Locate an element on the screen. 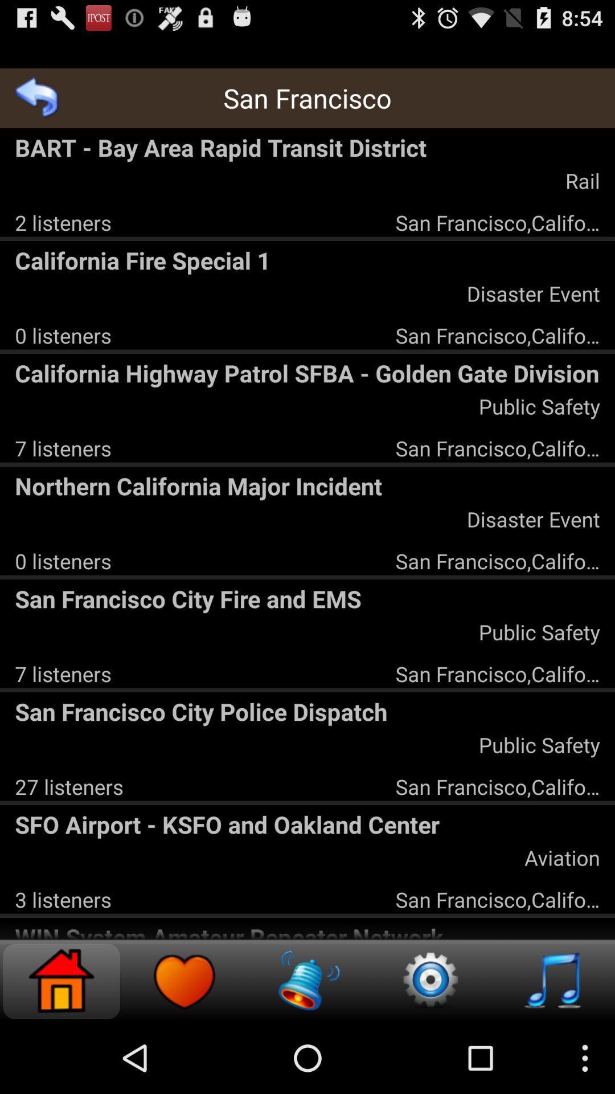 The height and width of the screenshot is (1094, 615). the icon above the california fire special item is located at coordinates (63, 222).